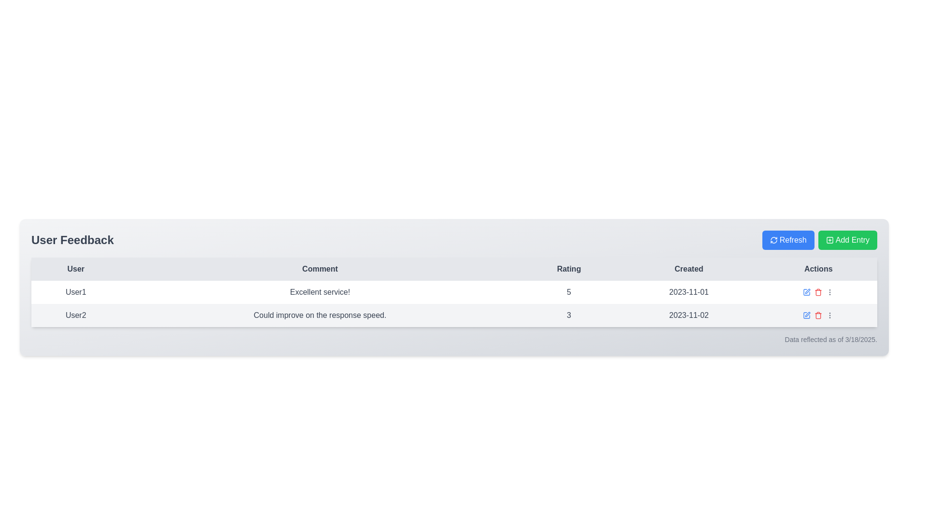 This screenshot has height=521, width=927. I want to click on the red trash can icon in the second row of the 'User Feedback' table to initiate a delete action, so click(818, 315).